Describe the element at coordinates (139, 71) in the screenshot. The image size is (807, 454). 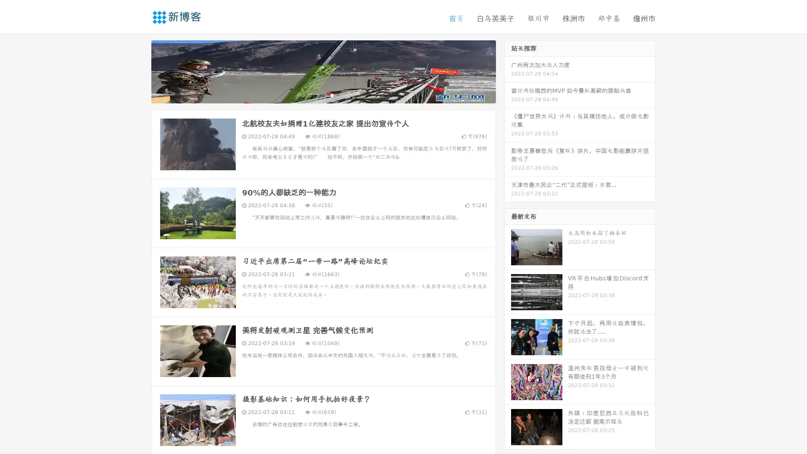
I see `Previous slide` at that location.